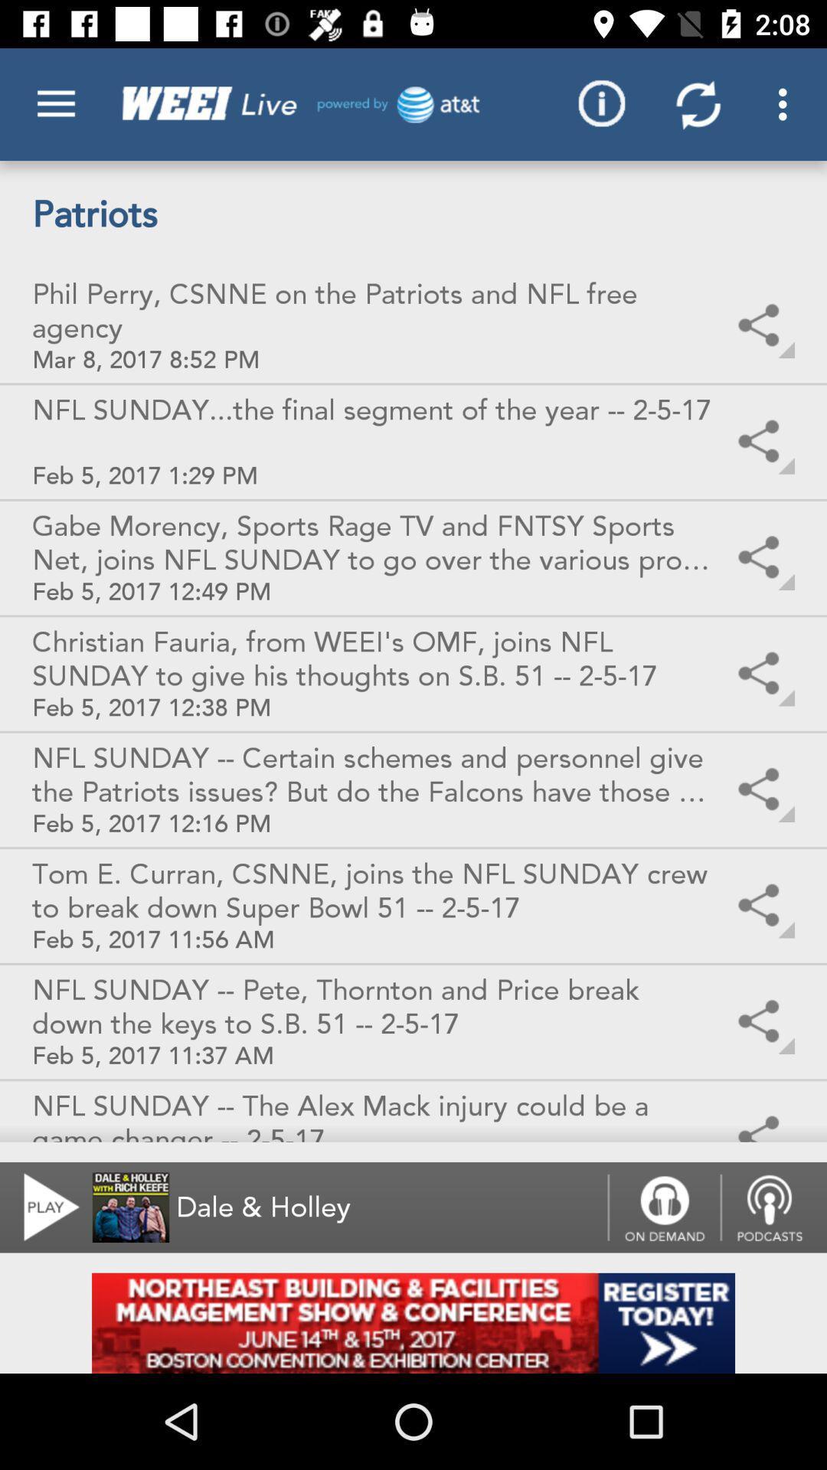 This screenshot has width=827, height=1470. I want to click on click on advertisement, so click(413, 1322).